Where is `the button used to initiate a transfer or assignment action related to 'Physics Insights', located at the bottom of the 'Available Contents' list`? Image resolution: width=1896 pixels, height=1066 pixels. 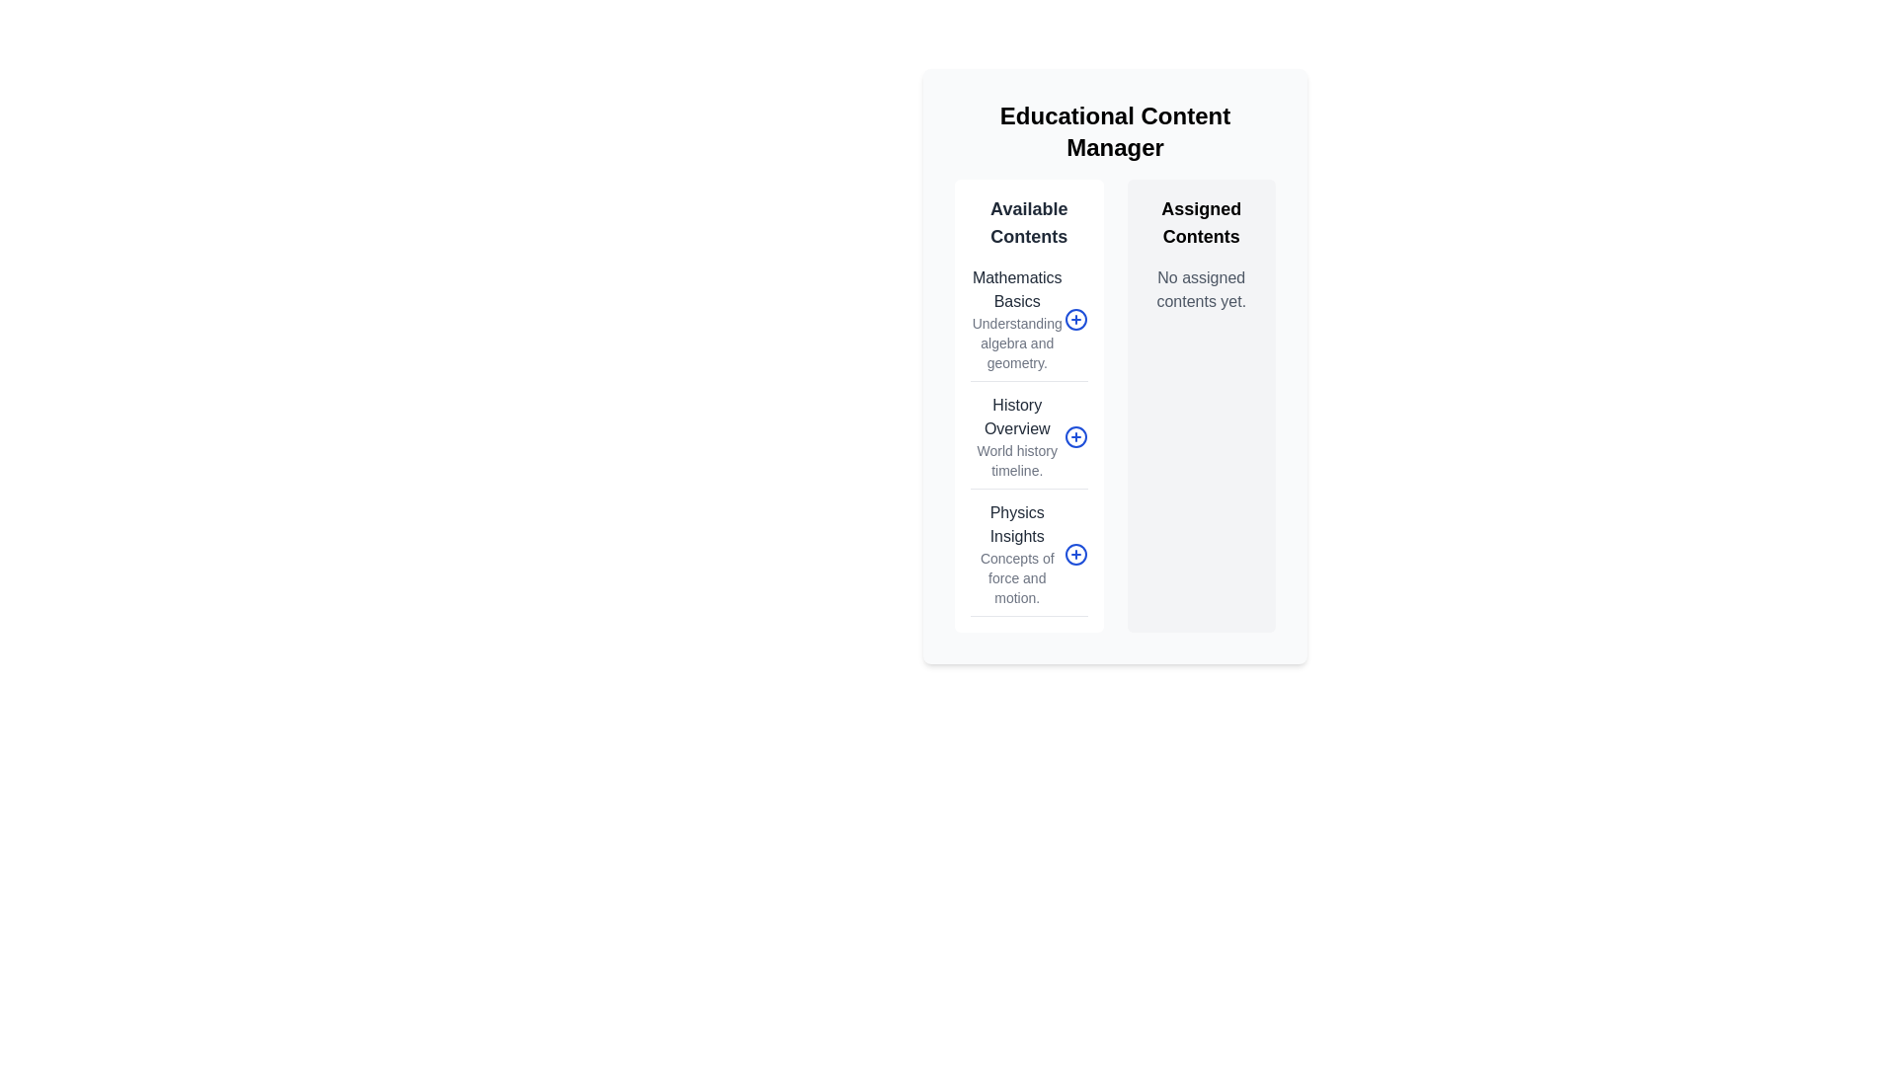 the button used to initiate a transfer or assignment action related to 'Physics Insights', located at the bottom of the 'Available Contents' list is located at coordinates (1074, 555).